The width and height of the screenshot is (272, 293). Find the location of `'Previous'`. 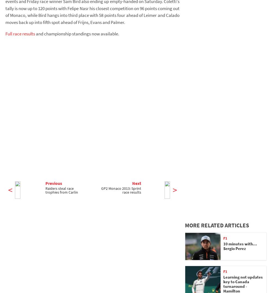

'Previous' is located at coordinates (53, 182).